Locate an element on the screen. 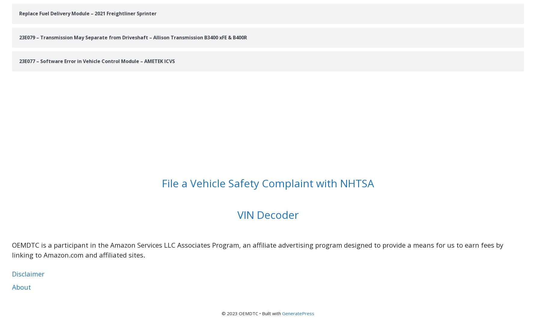 This screenshot has height=320, width=536. 'File a Vehicle Safety Complaint with NHTSA' is located at coordinates (162, 183).